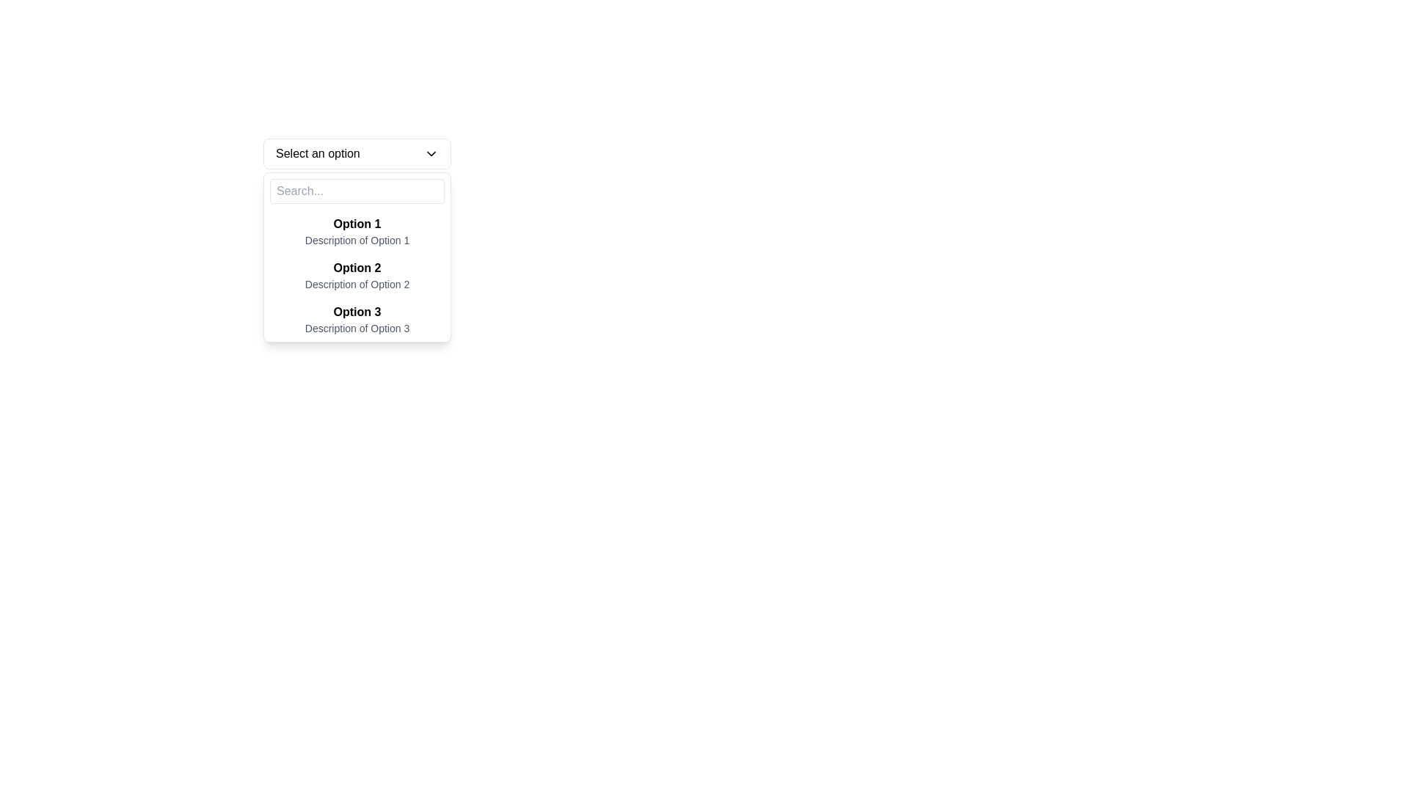 The width and height of the screenshot is (1409, 792). Describe the element at coordinates (357, 268) in the screenshot. I see `the bold text 'Option 2' within the dropdown menu` at that location.